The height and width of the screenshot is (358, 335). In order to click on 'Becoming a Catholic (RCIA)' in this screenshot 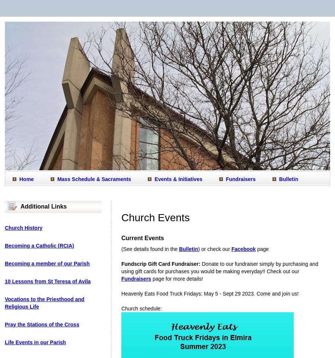, I will do `click(4, 246)`.